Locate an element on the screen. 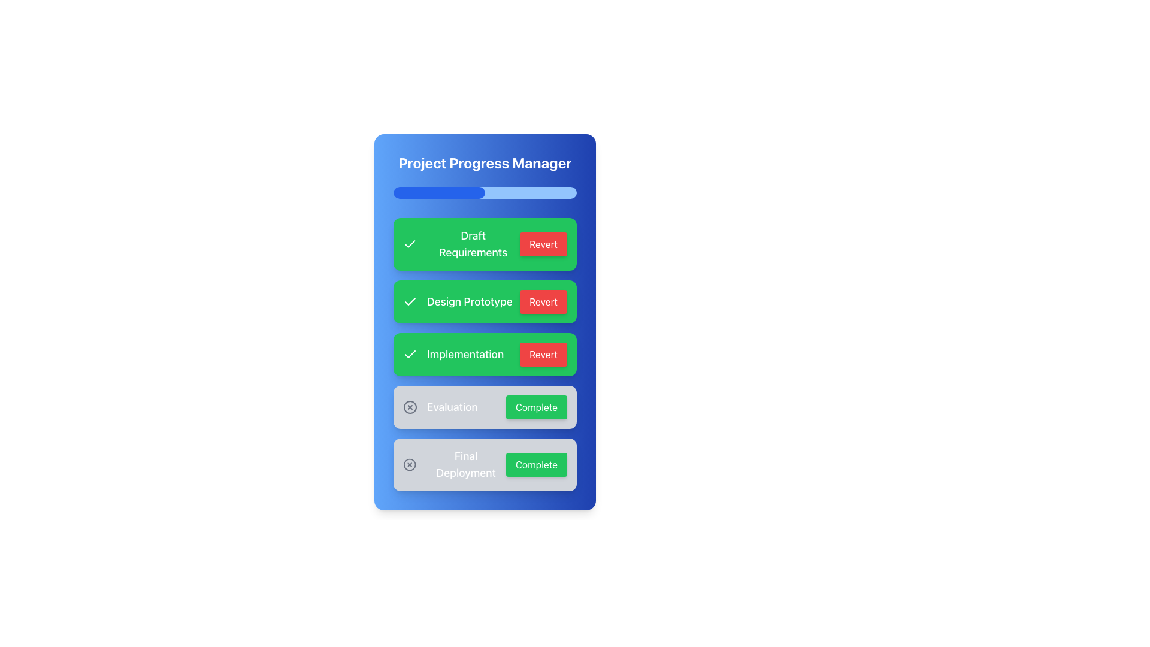  the third button from the top inside the green panel labeled 'Implementation' is located at coordinates (543, 353).